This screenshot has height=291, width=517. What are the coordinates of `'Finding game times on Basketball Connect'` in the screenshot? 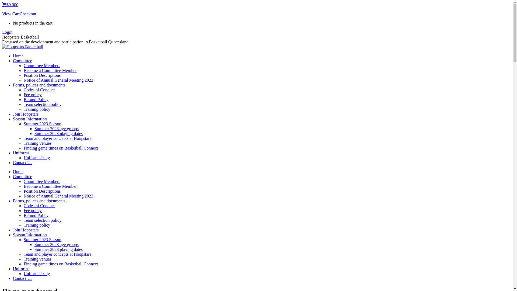 It's located at (61, 148).